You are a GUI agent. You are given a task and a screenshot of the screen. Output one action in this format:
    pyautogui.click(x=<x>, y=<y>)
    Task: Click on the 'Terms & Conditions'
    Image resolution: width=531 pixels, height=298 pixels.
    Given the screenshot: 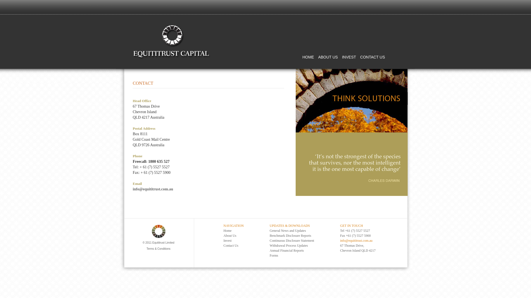 What is the action you would take?
    pyautogui.click(x=123, y=247)
    